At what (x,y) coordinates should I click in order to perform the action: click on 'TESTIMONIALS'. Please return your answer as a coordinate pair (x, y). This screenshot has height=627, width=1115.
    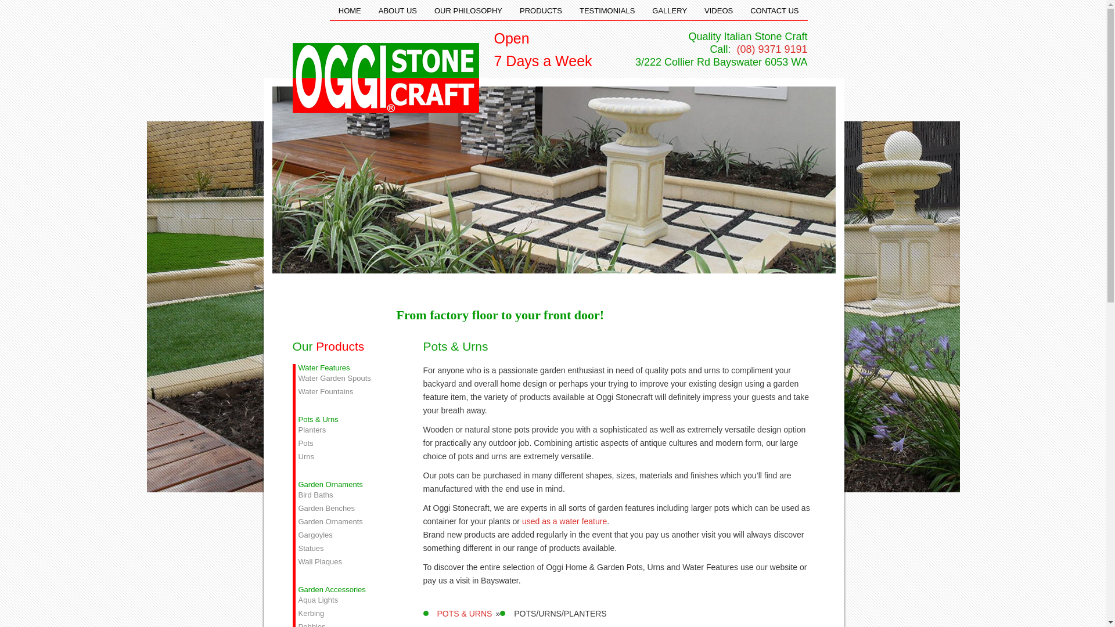
    Looking at the image, I should click on (571, 10).